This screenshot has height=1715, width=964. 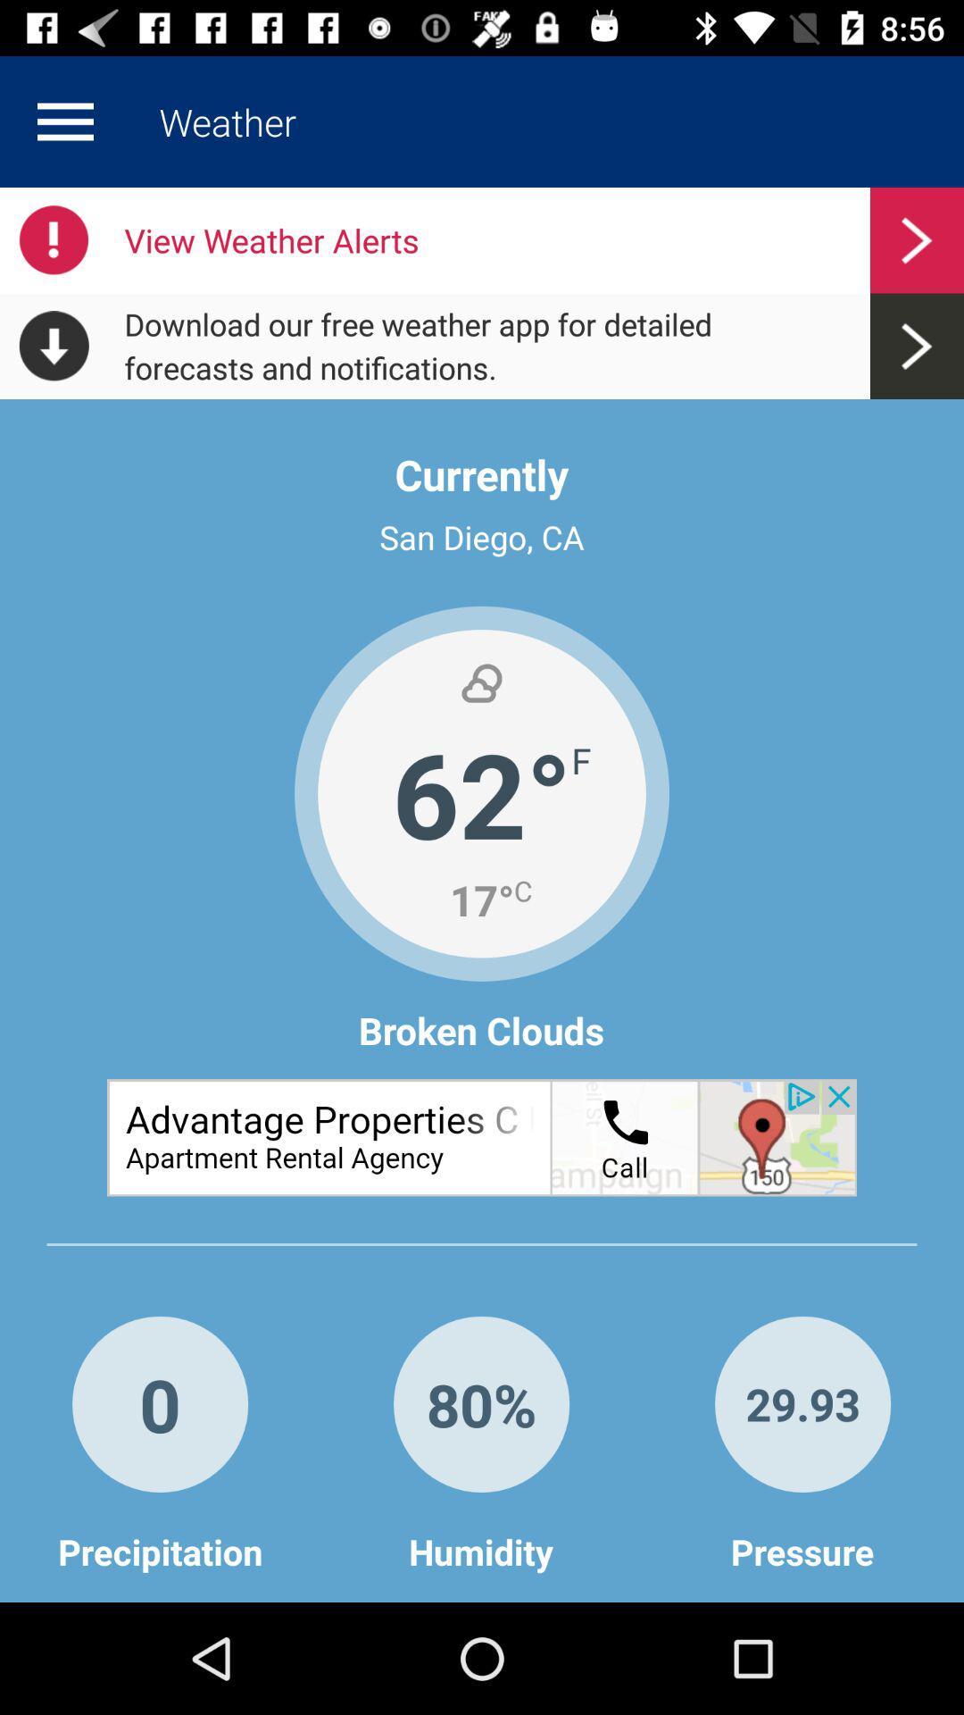 What do you see at coordinates (64, 121) in the screenshot?
I see `main menu` at bounding box center [64, 121].